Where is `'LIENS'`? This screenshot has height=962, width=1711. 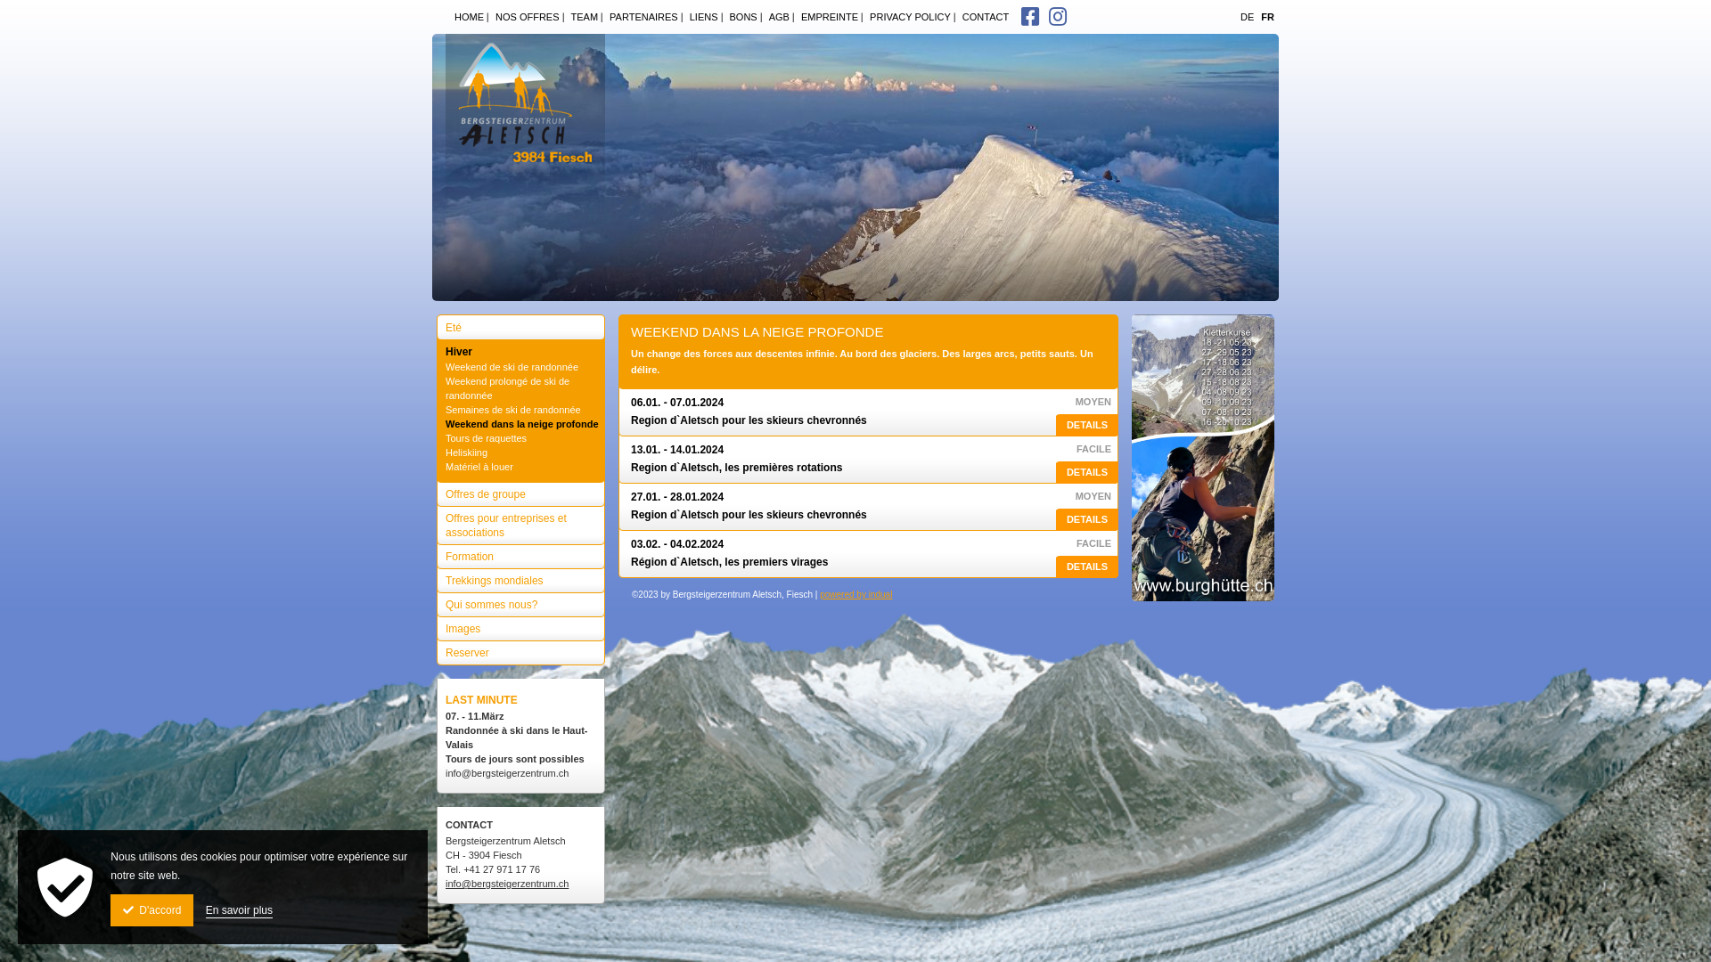 'LIENS' is located at coordinates (700, 17).